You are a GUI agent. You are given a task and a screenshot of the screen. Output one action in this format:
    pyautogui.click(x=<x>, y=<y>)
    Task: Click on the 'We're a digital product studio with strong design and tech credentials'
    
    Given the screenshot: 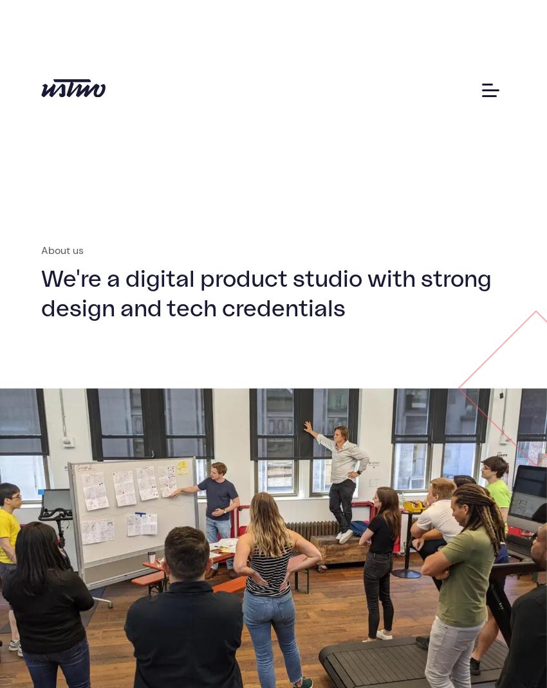 What is the action you would take?
    pyautogui.click(x=266, y=293)
    